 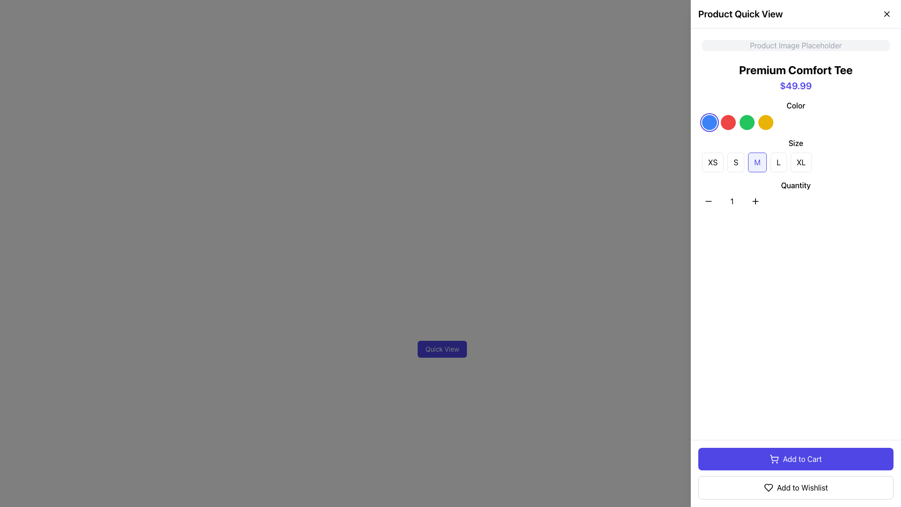 What do you see at coordinates (755, 200) in the screenshot?
I see `the quantity increment button located in the quantity selector area under the 'Quantity' label, positioned to the right of the numerical value '1'` at bounding box center [755, 200].